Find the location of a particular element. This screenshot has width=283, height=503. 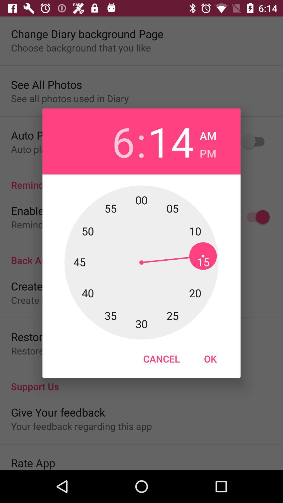

item next to the ok icon is located at coordinates (161, 358).